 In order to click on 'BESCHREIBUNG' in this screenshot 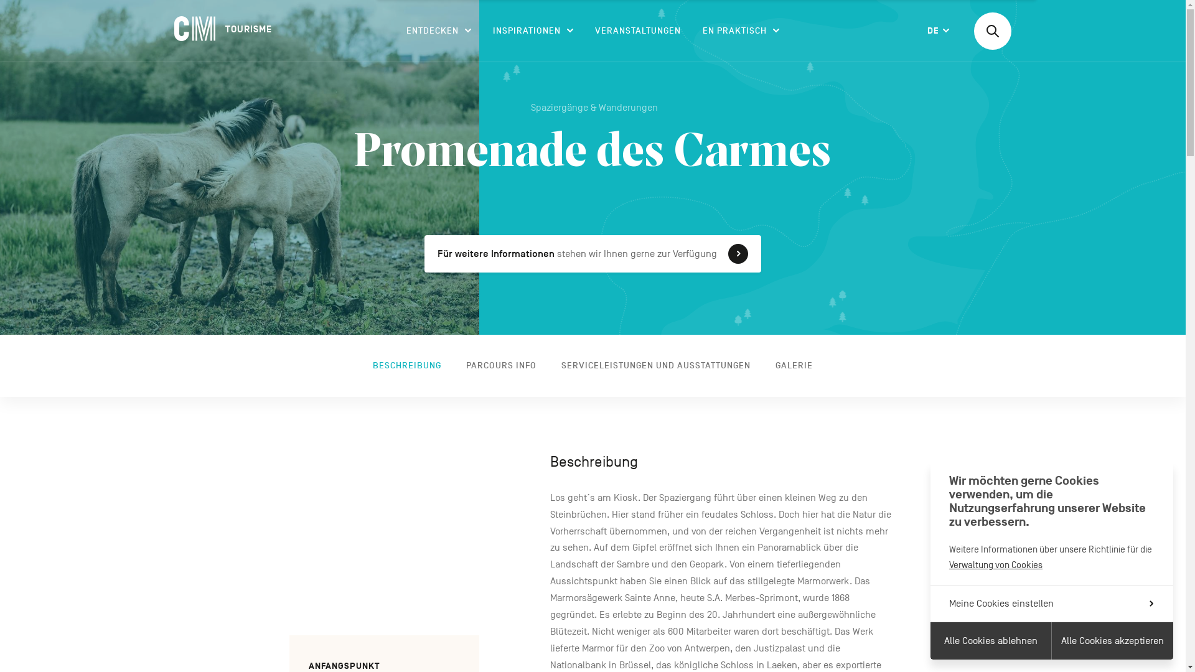, I will do `click(406, 365)`.